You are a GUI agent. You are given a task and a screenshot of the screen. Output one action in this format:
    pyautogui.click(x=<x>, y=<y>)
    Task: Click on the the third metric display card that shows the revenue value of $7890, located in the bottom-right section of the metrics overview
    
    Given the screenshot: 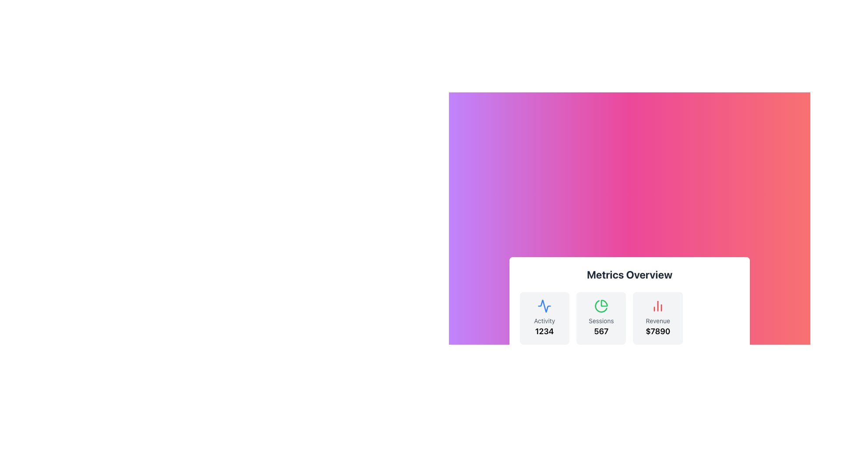 What is the action you would take?
    pyautogui.click(x=658, y=318)
    